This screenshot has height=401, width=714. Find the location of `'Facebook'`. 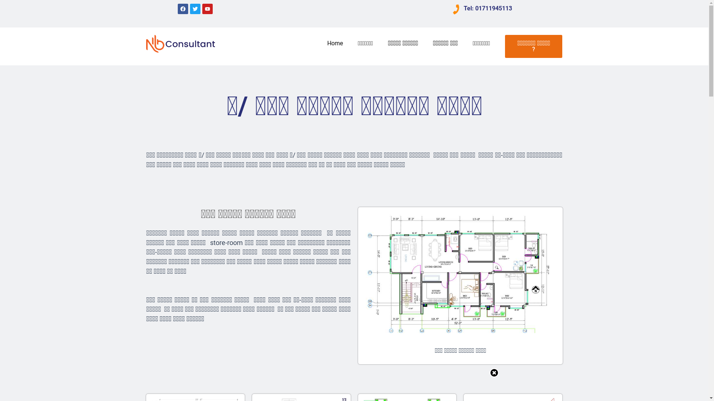

'Facebook' is located at coordinates (183, 9).